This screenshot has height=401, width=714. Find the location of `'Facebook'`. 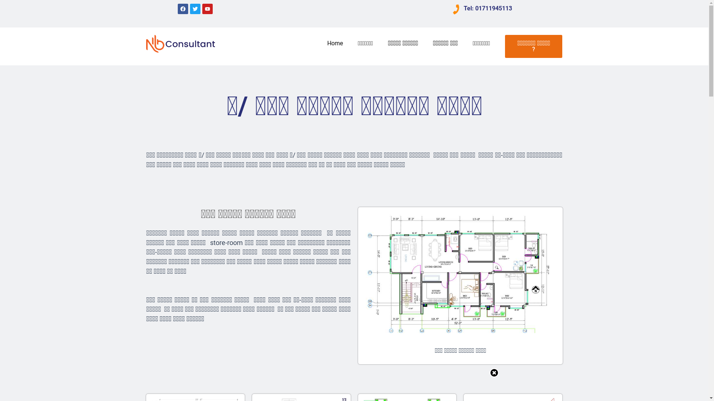

'Facebook' is located at coordinates (183, 9).